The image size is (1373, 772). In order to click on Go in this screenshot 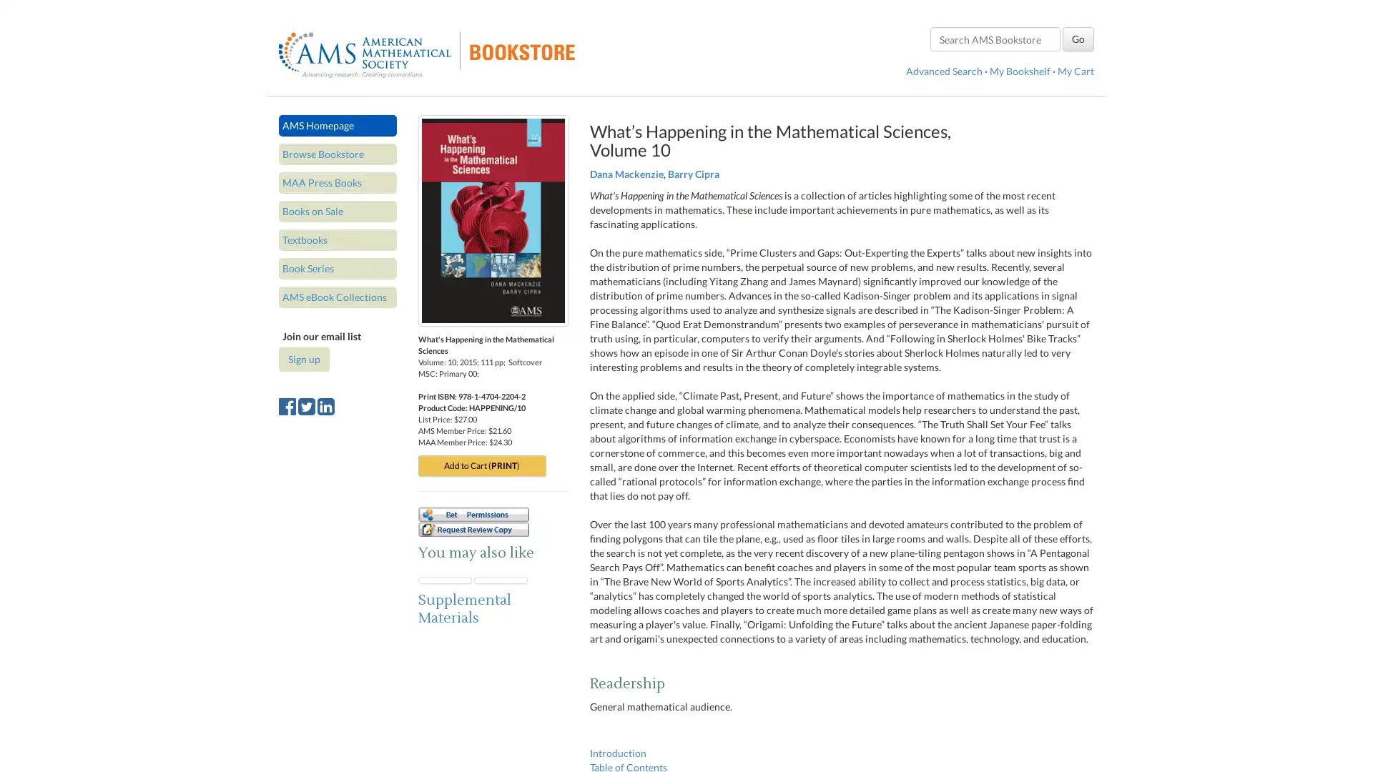, I will do `click(1078, 38)`.